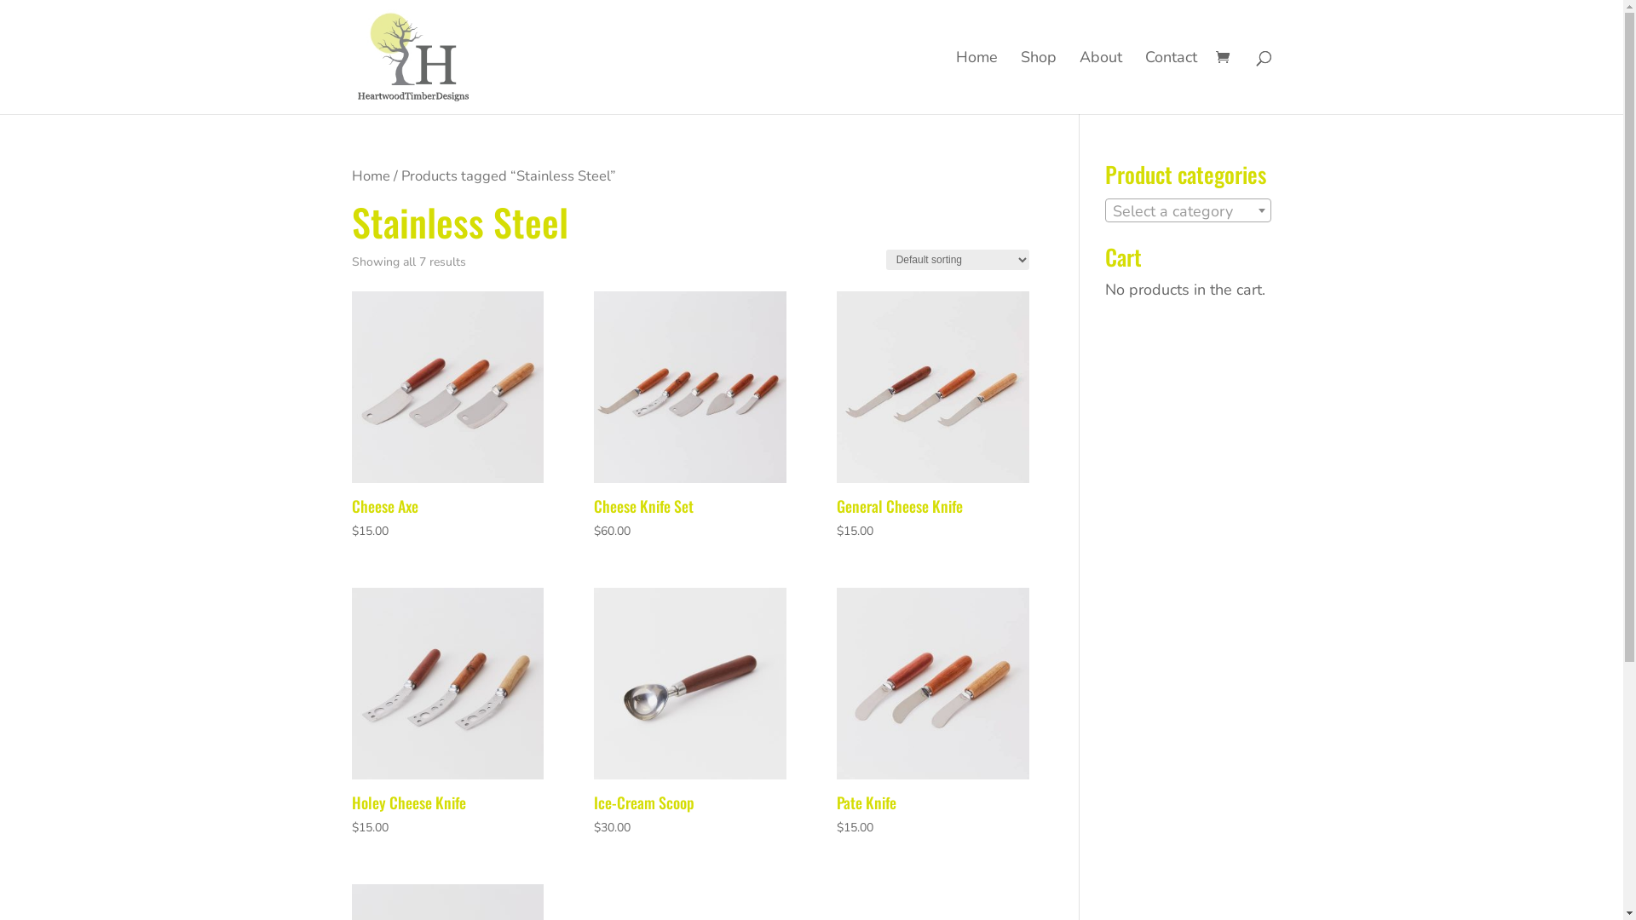 The height and width of the screenshot is (920, 1636). I want to click on 'About', so click(1100, 82).